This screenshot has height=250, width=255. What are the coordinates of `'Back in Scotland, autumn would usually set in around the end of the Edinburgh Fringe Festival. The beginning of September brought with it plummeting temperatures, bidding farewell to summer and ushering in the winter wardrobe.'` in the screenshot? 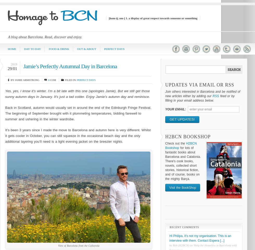 It's located at (78, 113).